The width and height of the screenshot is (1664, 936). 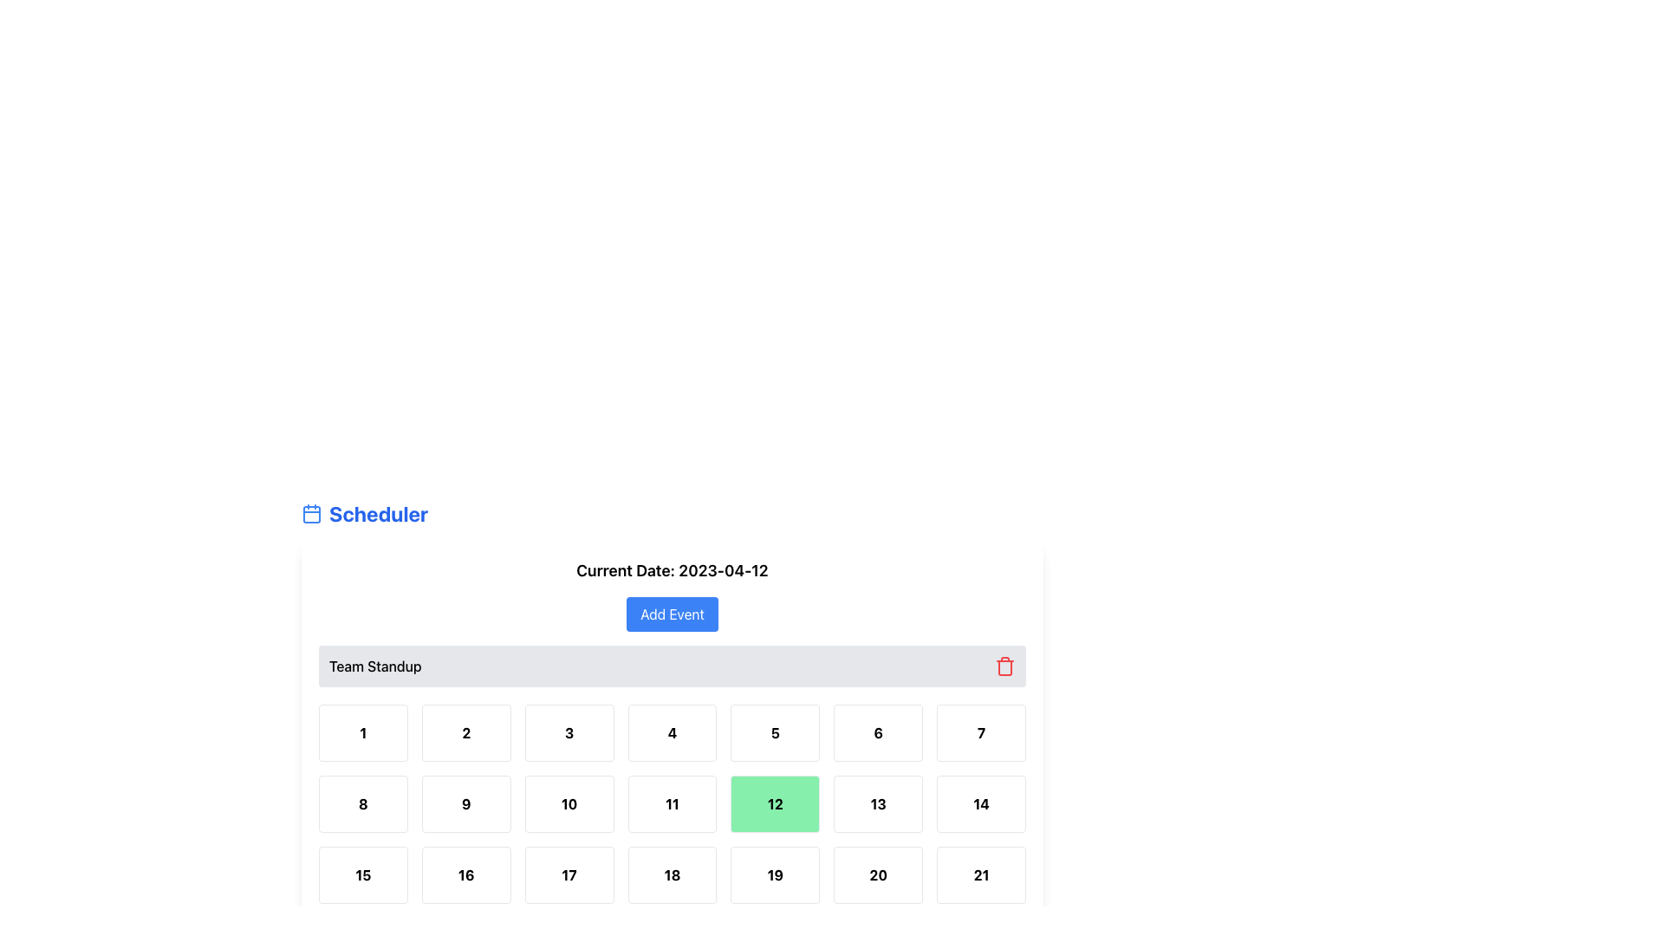 I want to click on the calendar date cell representing the date '6', so click(x=878, y=732).